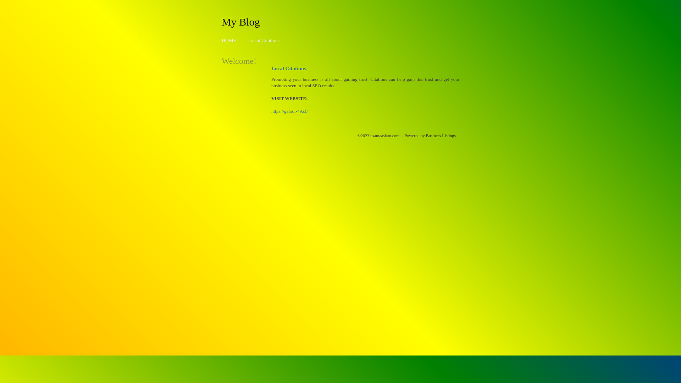 The height and width of the screenshot is (383, 681). Describe the element at coordinates (264, 40) in the screenshot. I see `'Local Citations'` at that location.